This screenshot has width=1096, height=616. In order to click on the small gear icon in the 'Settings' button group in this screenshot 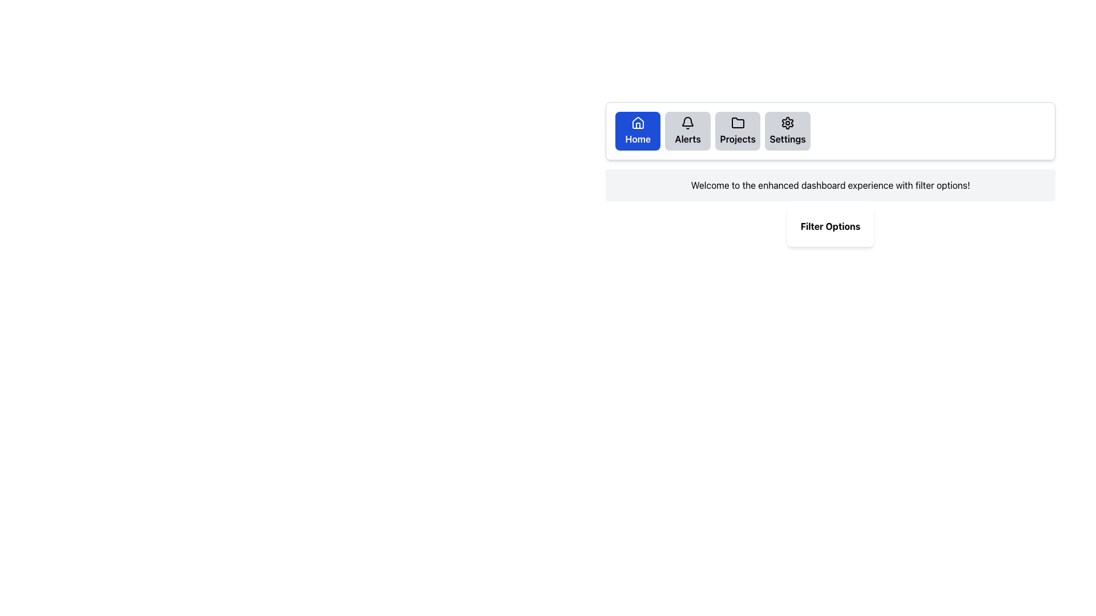, I will do `click(787, 123)`.